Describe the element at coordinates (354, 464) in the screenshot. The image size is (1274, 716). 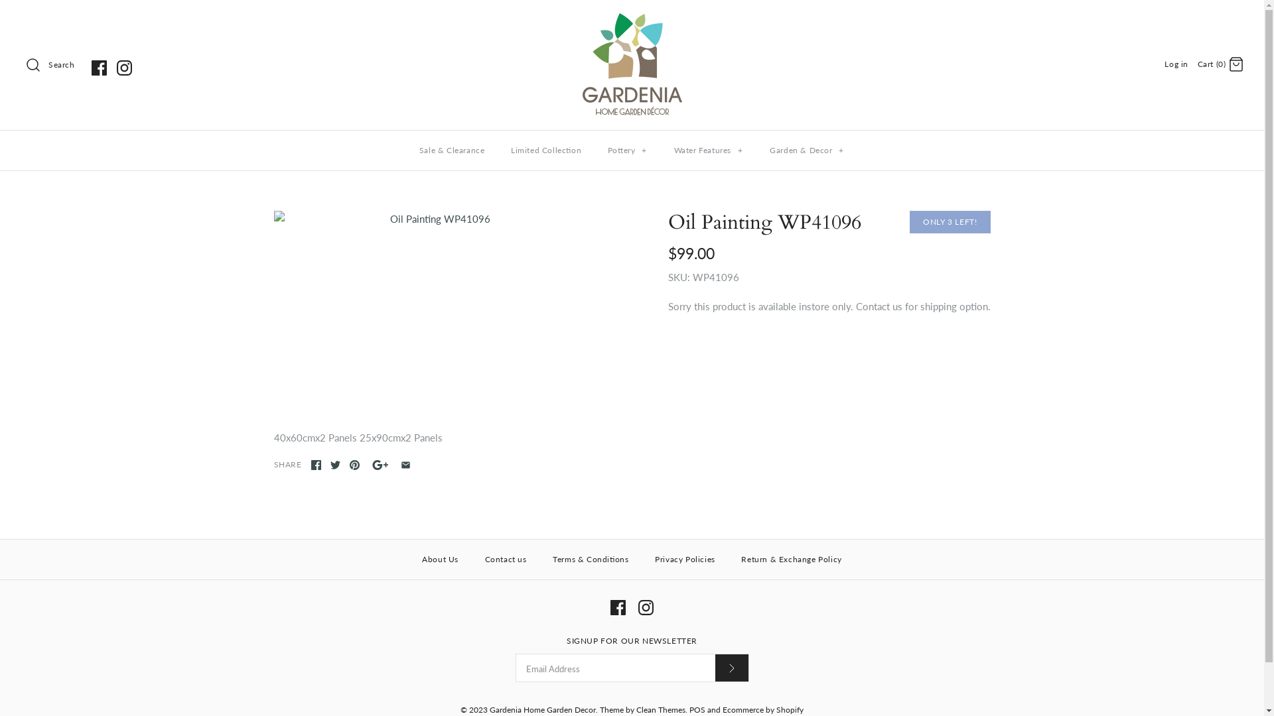
I see `'Pinterest'` at that location.